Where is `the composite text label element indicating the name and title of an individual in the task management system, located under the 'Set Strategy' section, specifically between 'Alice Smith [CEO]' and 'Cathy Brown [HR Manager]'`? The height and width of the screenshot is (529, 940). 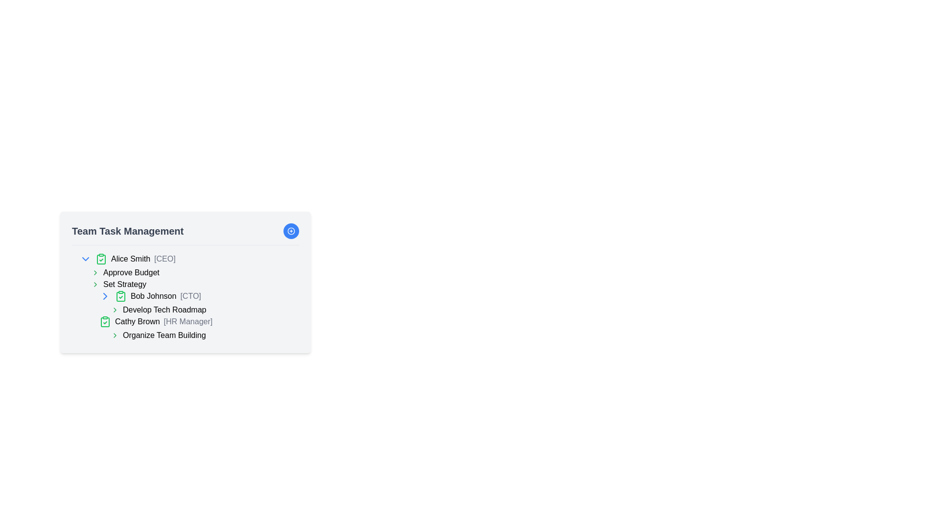 the composite text label element indicating the name and title of an individual in the task management system, located under the 'Set Strategy' section, specifically between 'Alice Smith [CEO]' and 'Cathy Brown [HR Manager]' is located at coordinates (199, 296).